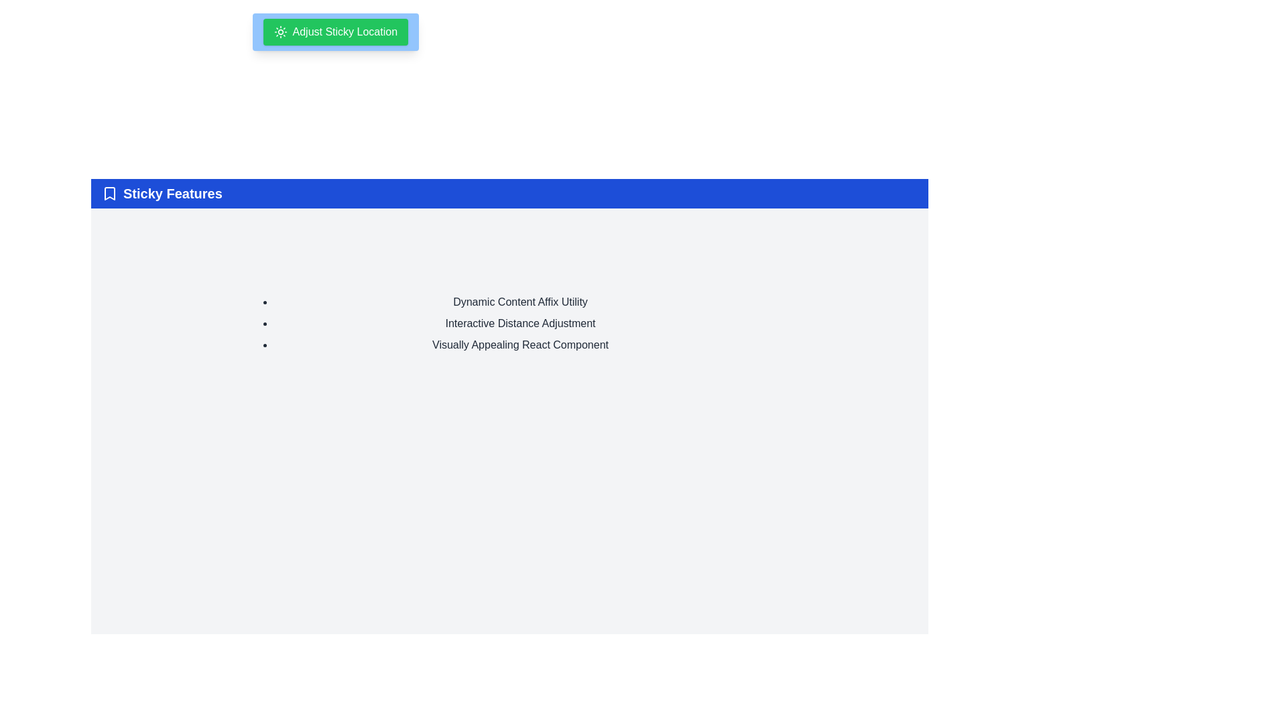 The width and height of the screenshot is (1287, 724). What do you see at coordinates (280, 31) in the screenshot?
I see `the sun icon located on the left side of the 'Adjust Sticky Location' button, characterized by its circular shape and surrounding rays in green and white colors` at bounding box center [280, 31].